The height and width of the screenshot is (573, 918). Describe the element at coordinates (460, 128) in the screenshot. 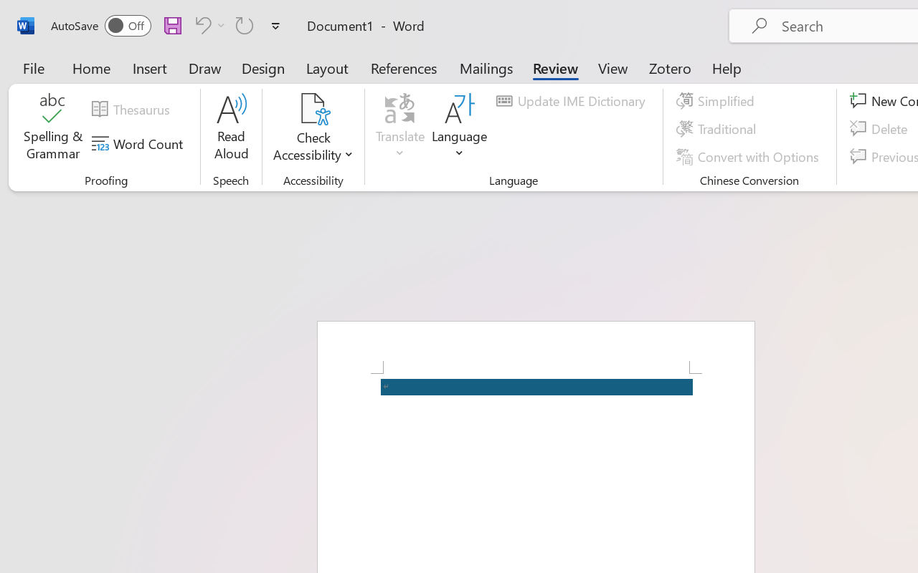

I see `'Language'` at that location.